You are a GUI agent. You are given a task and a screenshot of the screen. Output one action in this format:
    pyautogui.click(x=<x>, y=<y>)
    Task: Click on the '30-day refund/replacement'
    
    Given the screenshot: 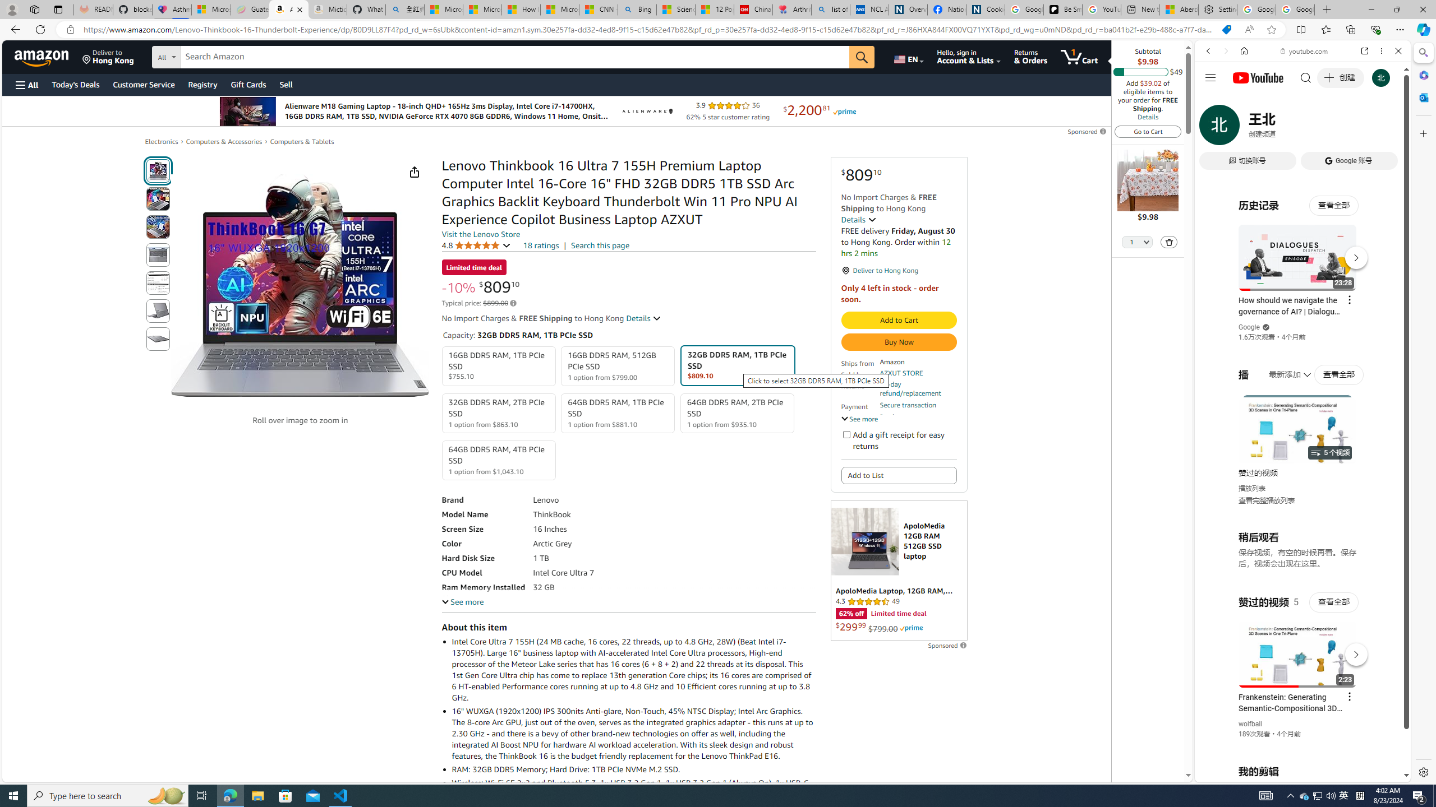 What is the action you would take?
    pyautogui.click(x=917, y=388)
    